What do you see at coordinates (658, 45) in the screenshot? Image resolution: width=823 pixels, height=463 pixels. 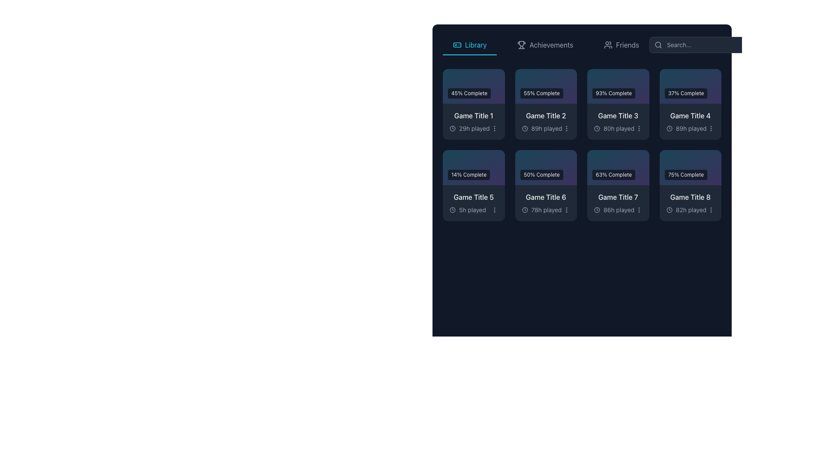 I see `the search icon represented as a magnifying glass, which is located inside the search bar towards the left edge of the input field, vertically centered with the placeholder text 'Search...'` at bounding box center [658, 45].